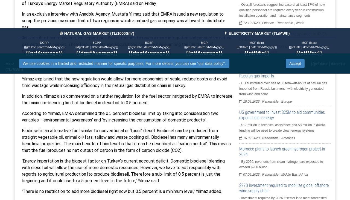 This screenshot has width=350, height=200. Describe the element at coordinates (25, 53) in the screenshot. I see `'{{grfAverage}}'` at that location.